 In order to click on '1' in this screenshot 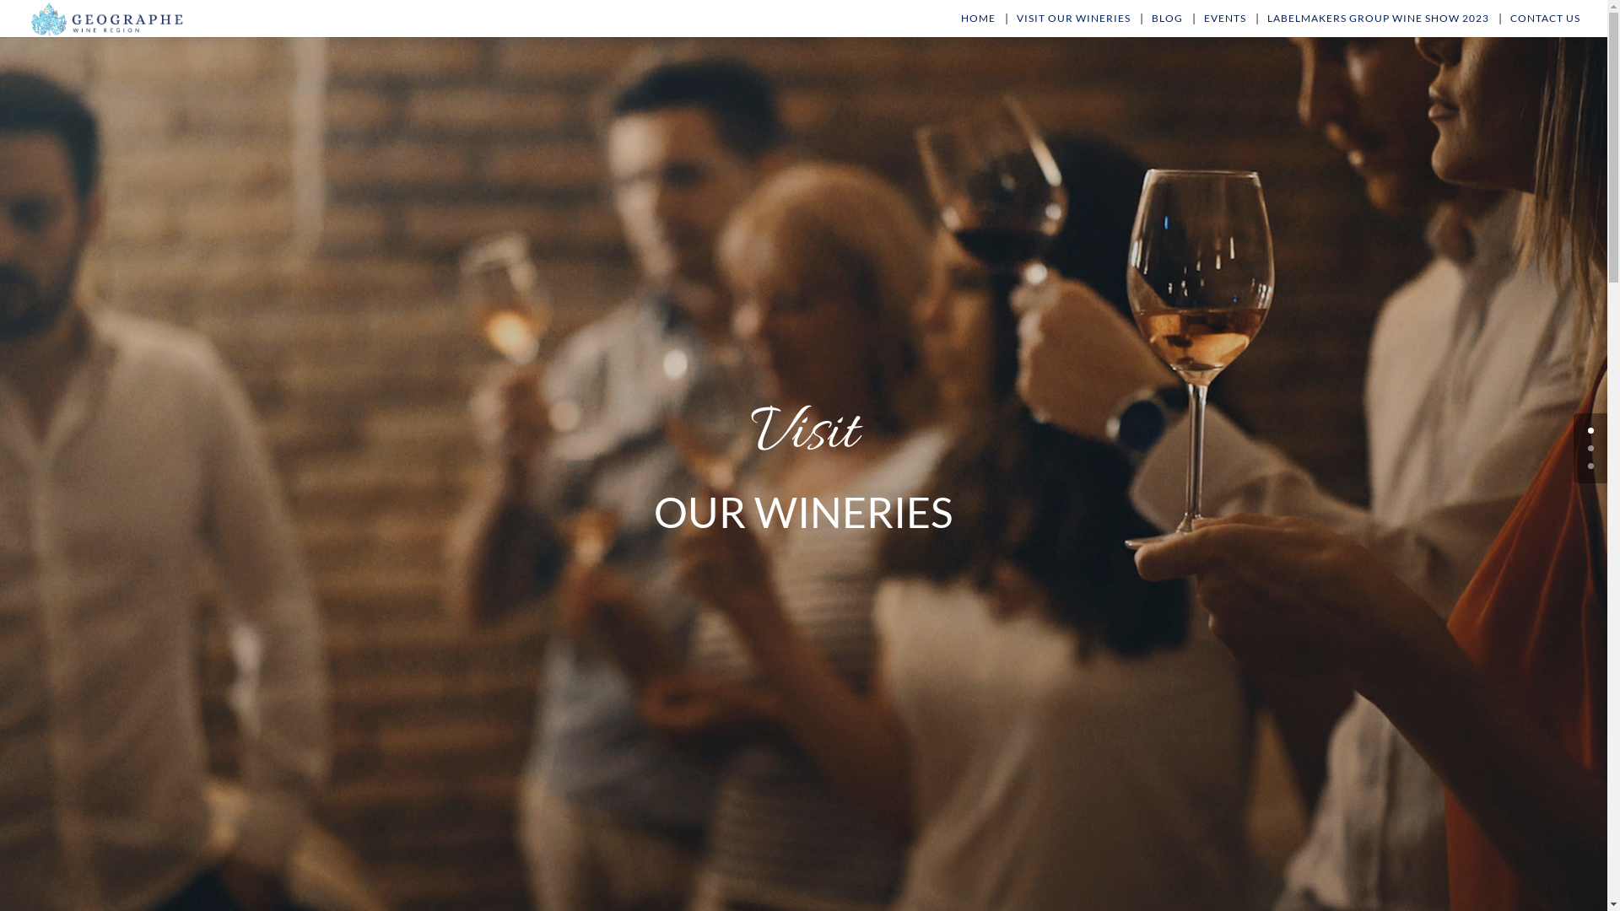, I will do `click(1586, 447)`.